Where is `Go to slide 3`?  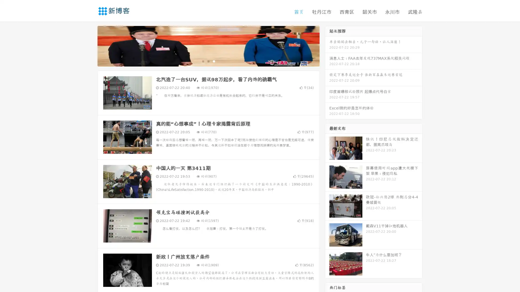
Go to slide 3 is located at coordinates (214, 61).